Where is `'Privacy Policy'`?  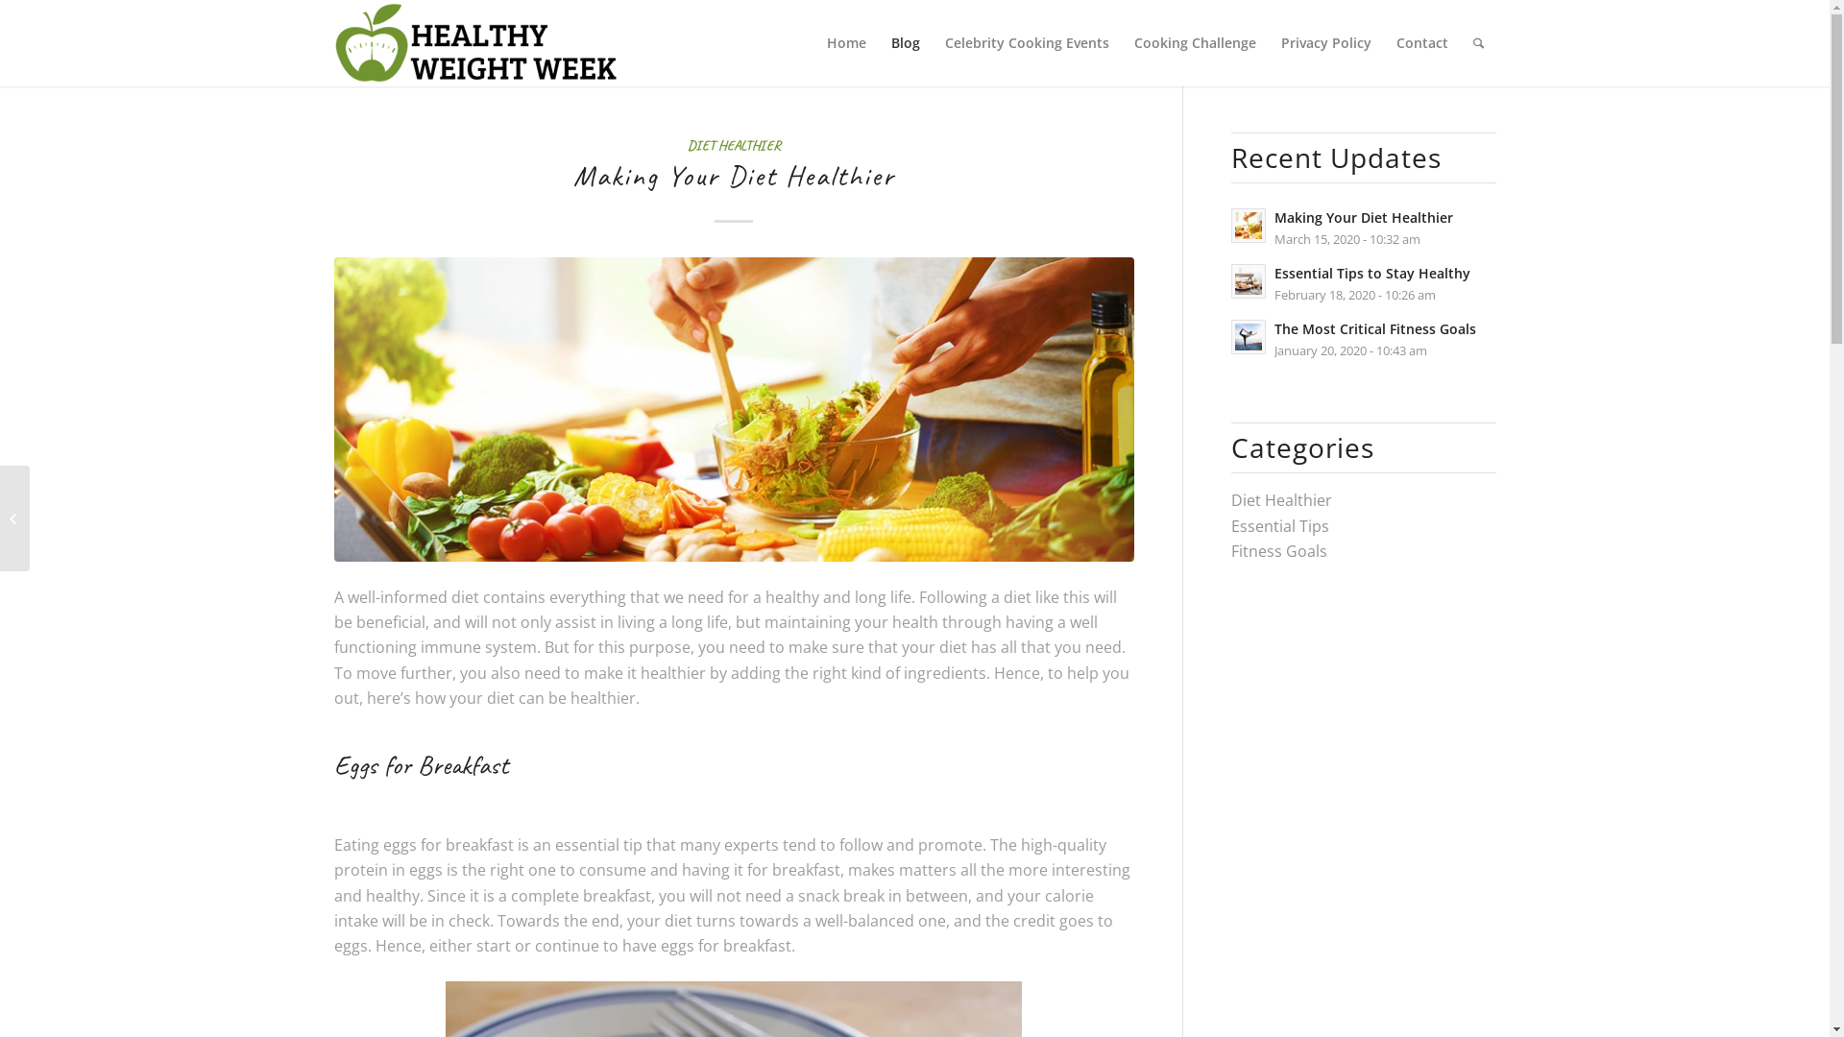 'Privacy Policy' is located at coordinates (1324, 43).